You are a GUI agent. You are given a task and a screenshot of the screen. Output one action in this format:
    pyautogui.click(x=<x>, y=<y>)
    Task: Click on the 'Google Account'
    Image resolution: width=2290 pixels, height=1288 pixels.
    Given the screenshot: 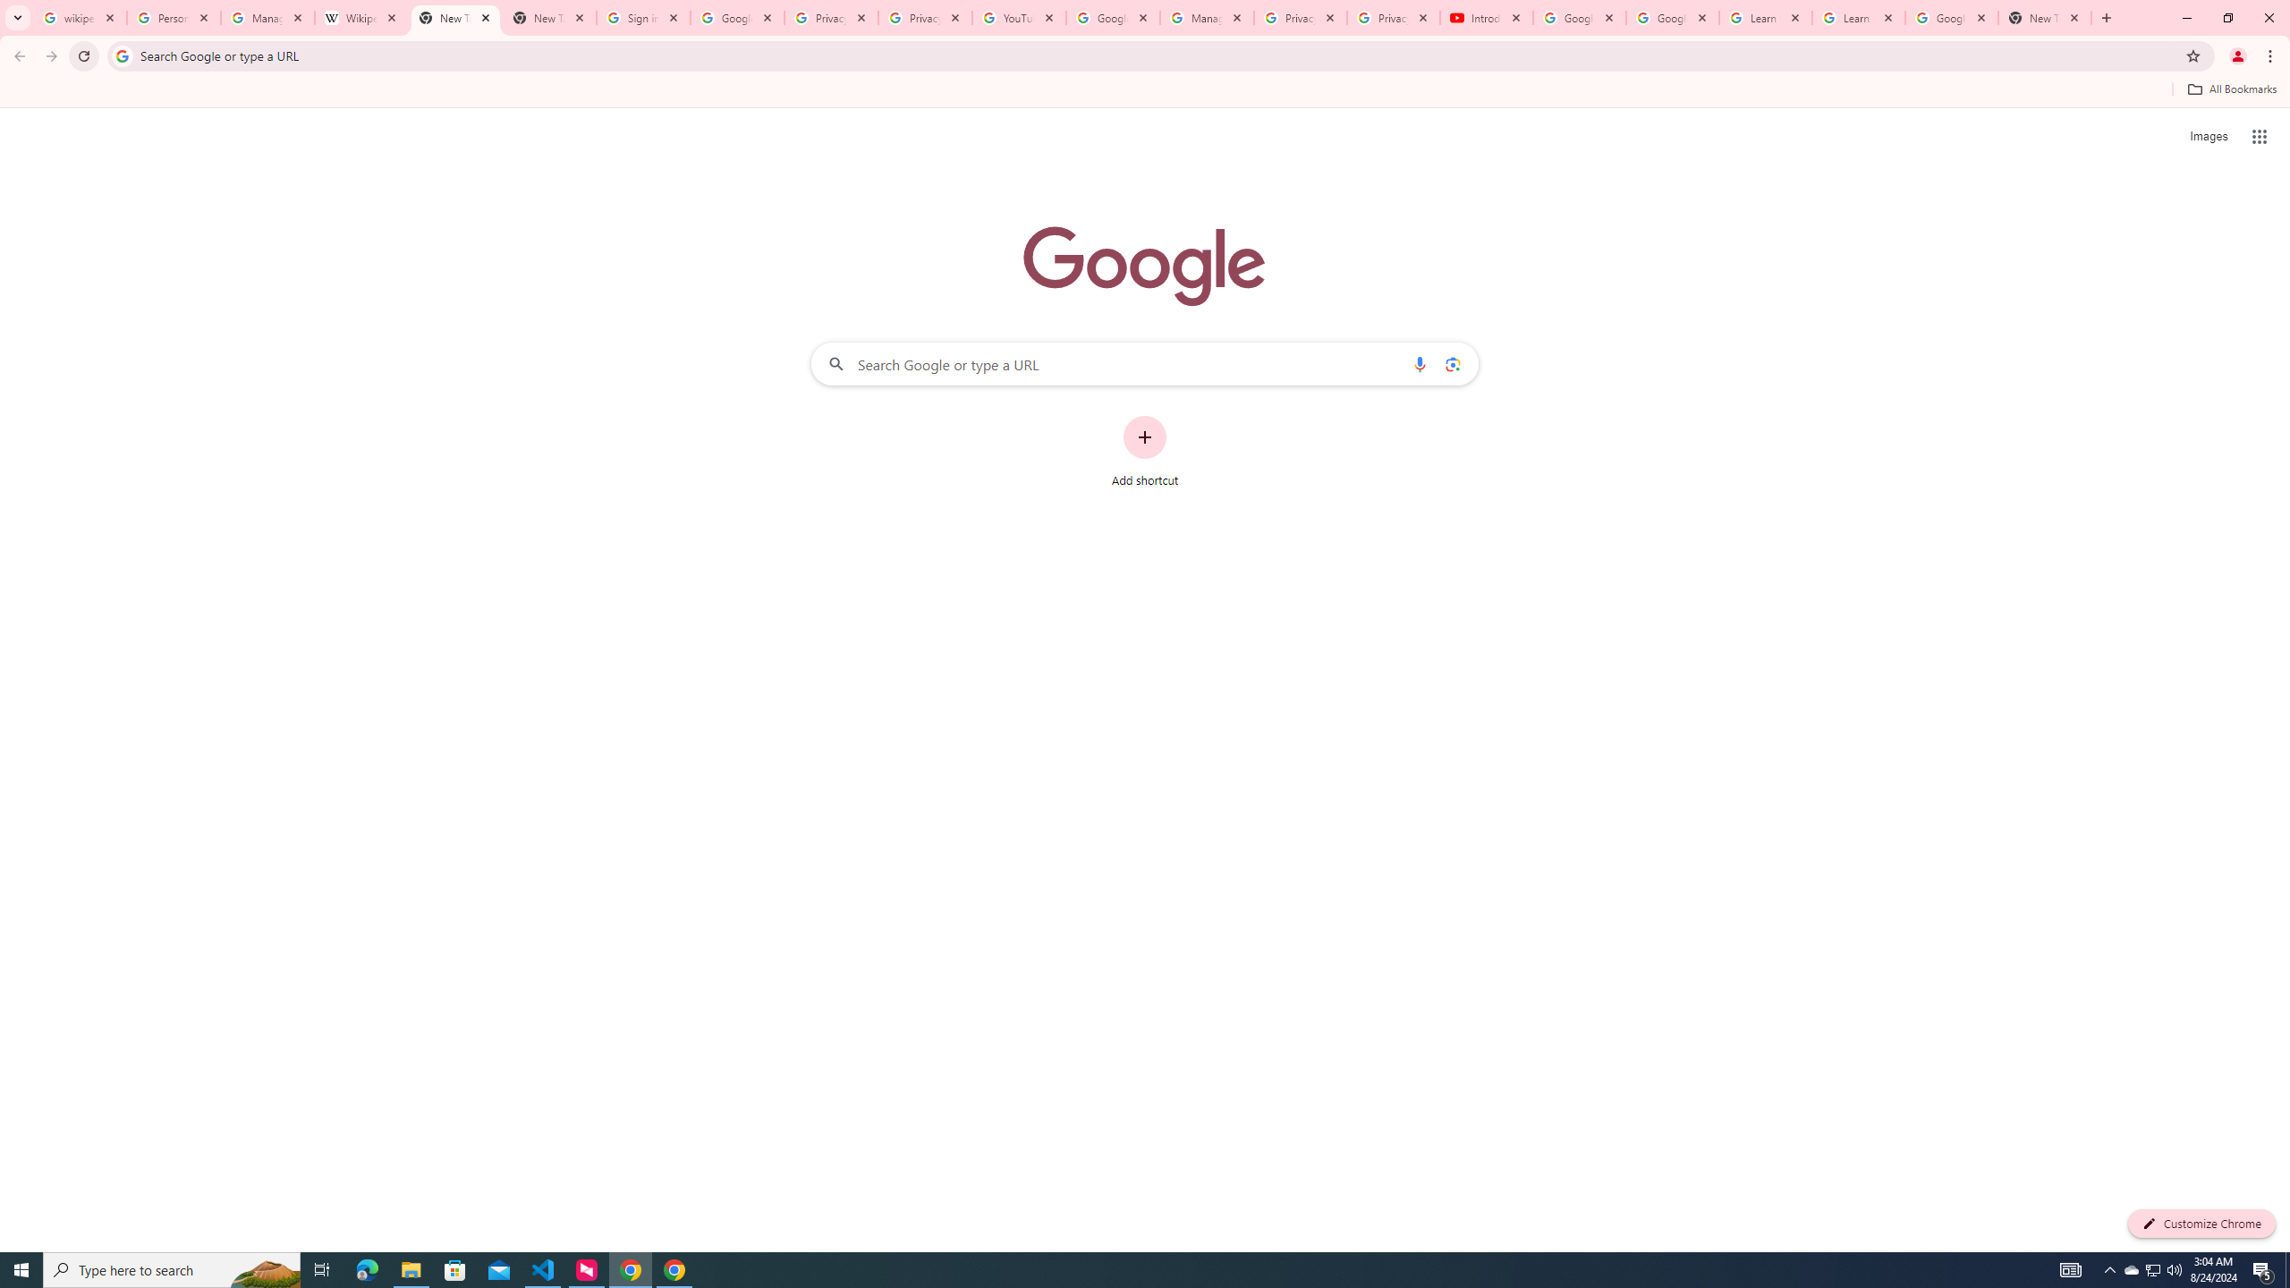 What is the action you would take?
    pyautogui.click(x=1951, y=17)
    